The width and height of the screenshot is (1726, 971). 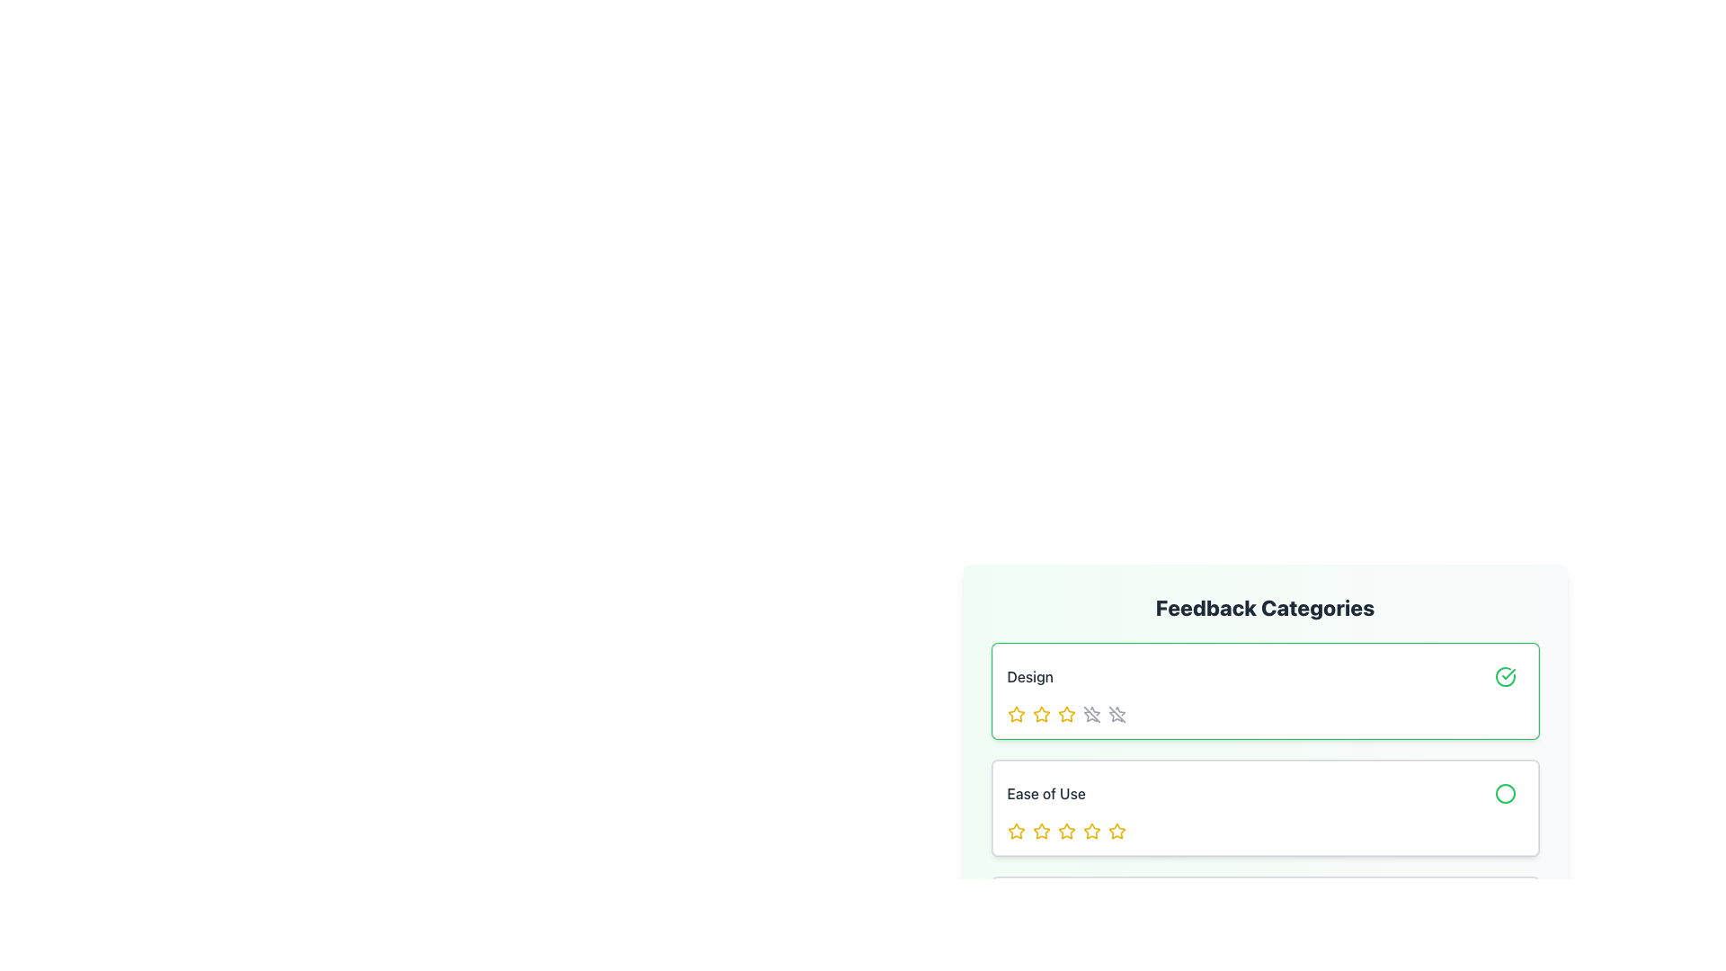 What do you see at coordinates (1066, 831) in the screenshot?
I see `the second yellow star icon in the 'Ease of Use' section of the 'Feedback Categories' interface to rate it` at bounding box center [1066, 831].